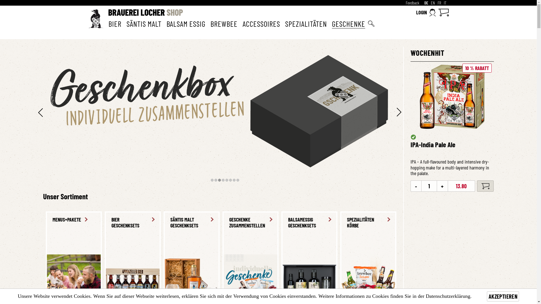  What do you see at coordinates (335, 219) in the screenshot?
I see `'MENUS+PAKETE'` at bounding box center [335, 219].